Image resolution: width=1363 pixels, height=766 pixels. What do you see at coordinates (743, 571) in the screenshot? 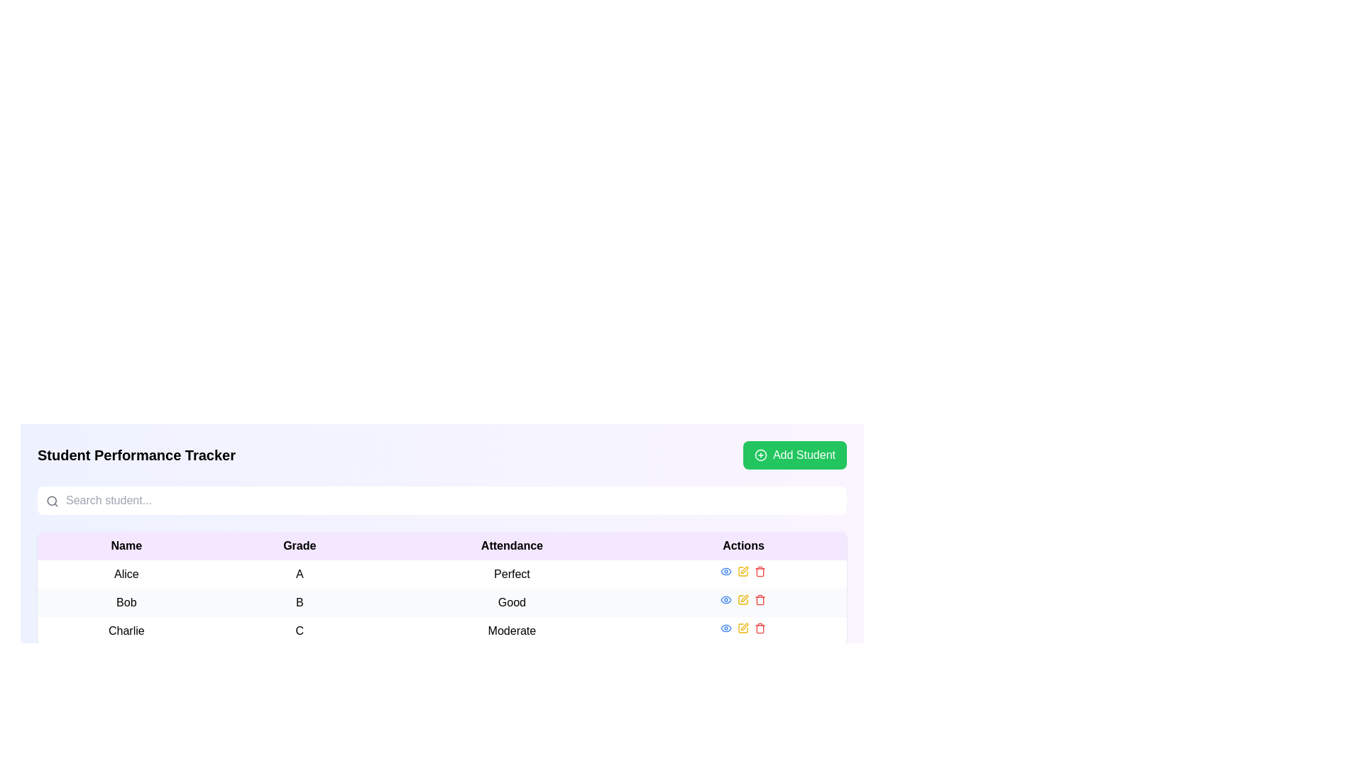
I see `the yellow pen icon button located in the 'Actions' column of the data table` at bounding box center [743, 571].